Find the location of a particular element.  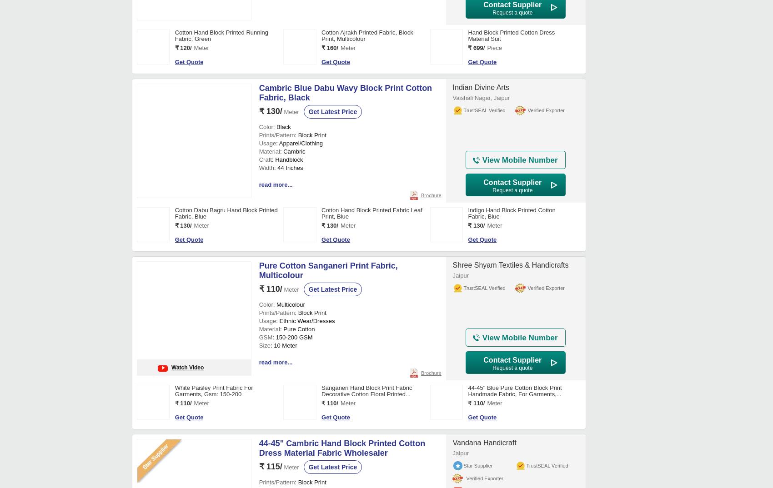

'Chennai' is located at coordinates (452, 20).